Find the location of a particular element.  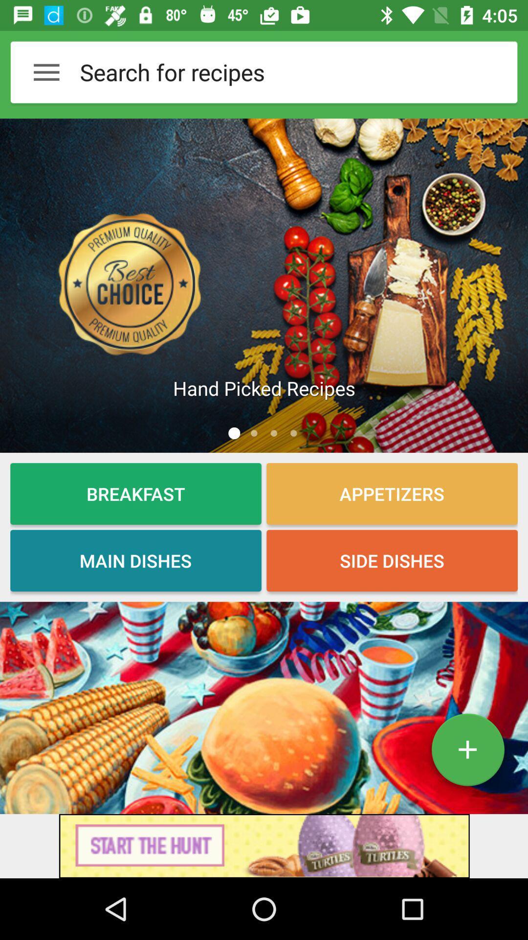

expand details is located at coordinates (467, 753).